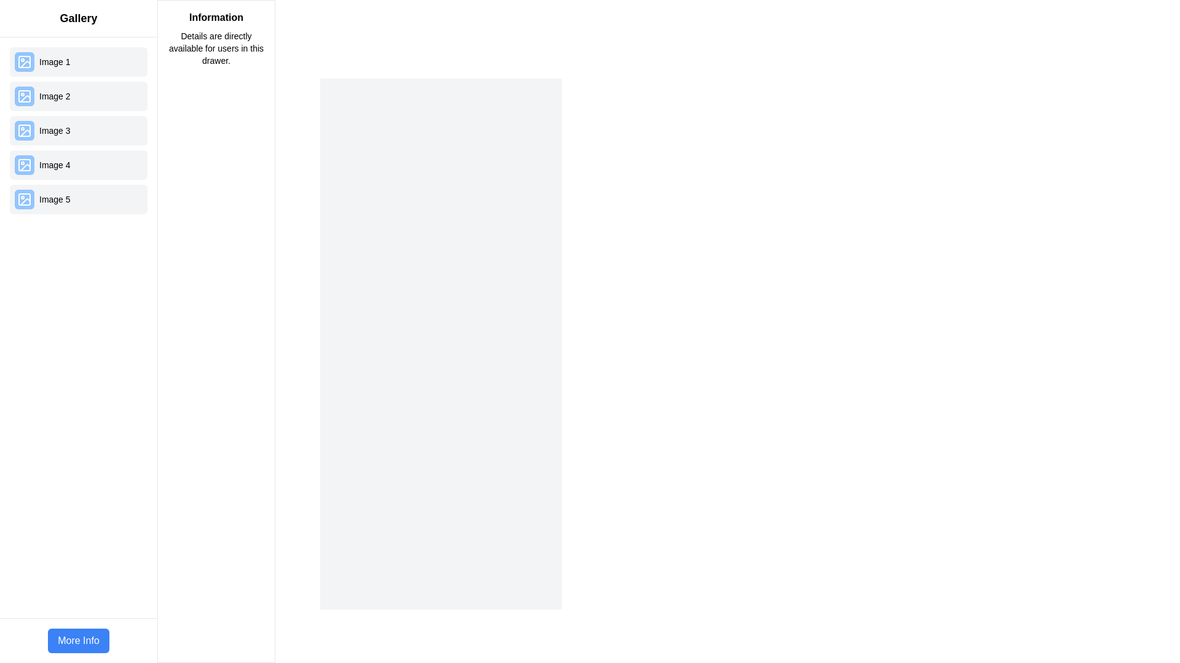 This screenshot has width=1180, height=663. Describe the element at coordinates (24, 198) in the screenshot. I see `the square blue Icon button with a white image symbol at the center, located in the top-left corner of the list item labeled 'Image 5' in the gallery section` at that location.